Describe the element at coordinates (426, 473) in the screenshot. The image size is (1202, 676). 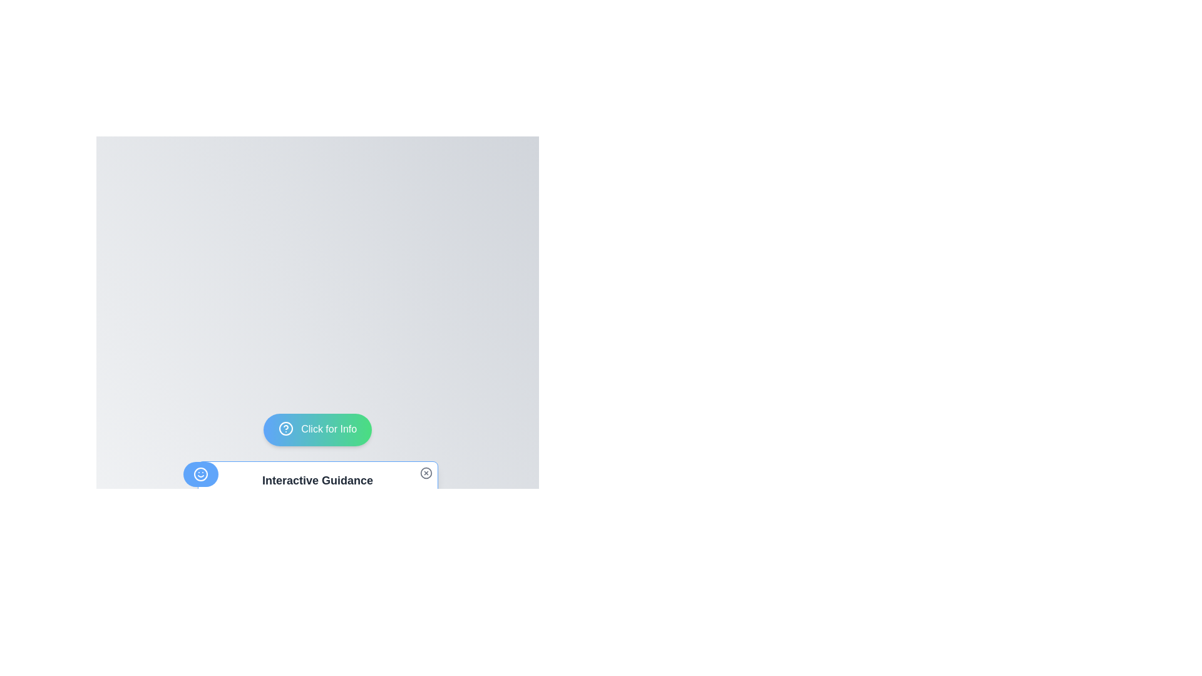
I see `properties of the decorative circle vector graphic element located at the bottom-right of the interface, adjacent to the 'Interactive Guidance' label` at that location.